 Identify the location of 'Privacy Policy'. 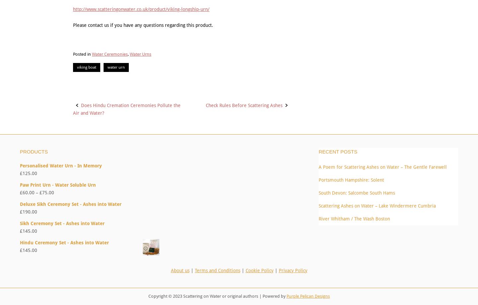
(292, 270).